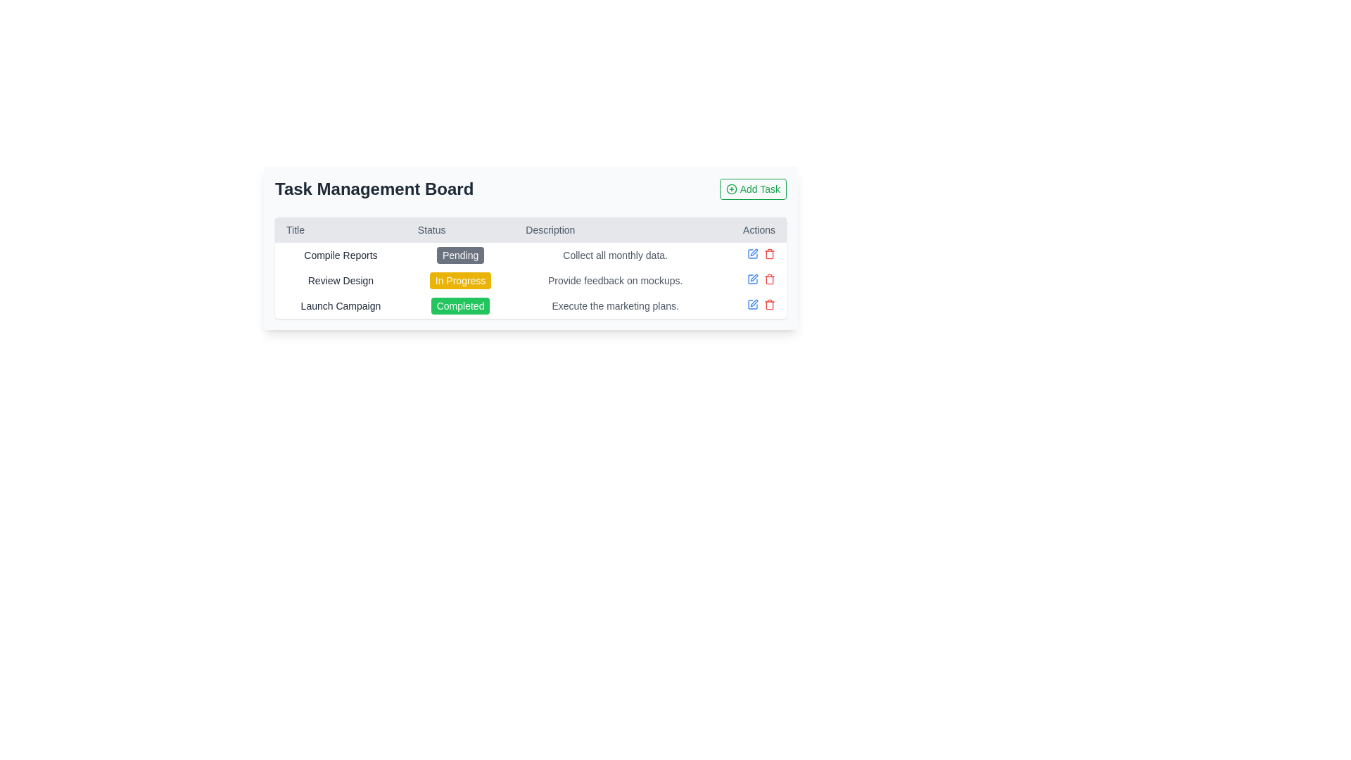  I want to click on the green-bordered 'Add Task' button located near the top-right corner of the task management interface, so click(752, 189).